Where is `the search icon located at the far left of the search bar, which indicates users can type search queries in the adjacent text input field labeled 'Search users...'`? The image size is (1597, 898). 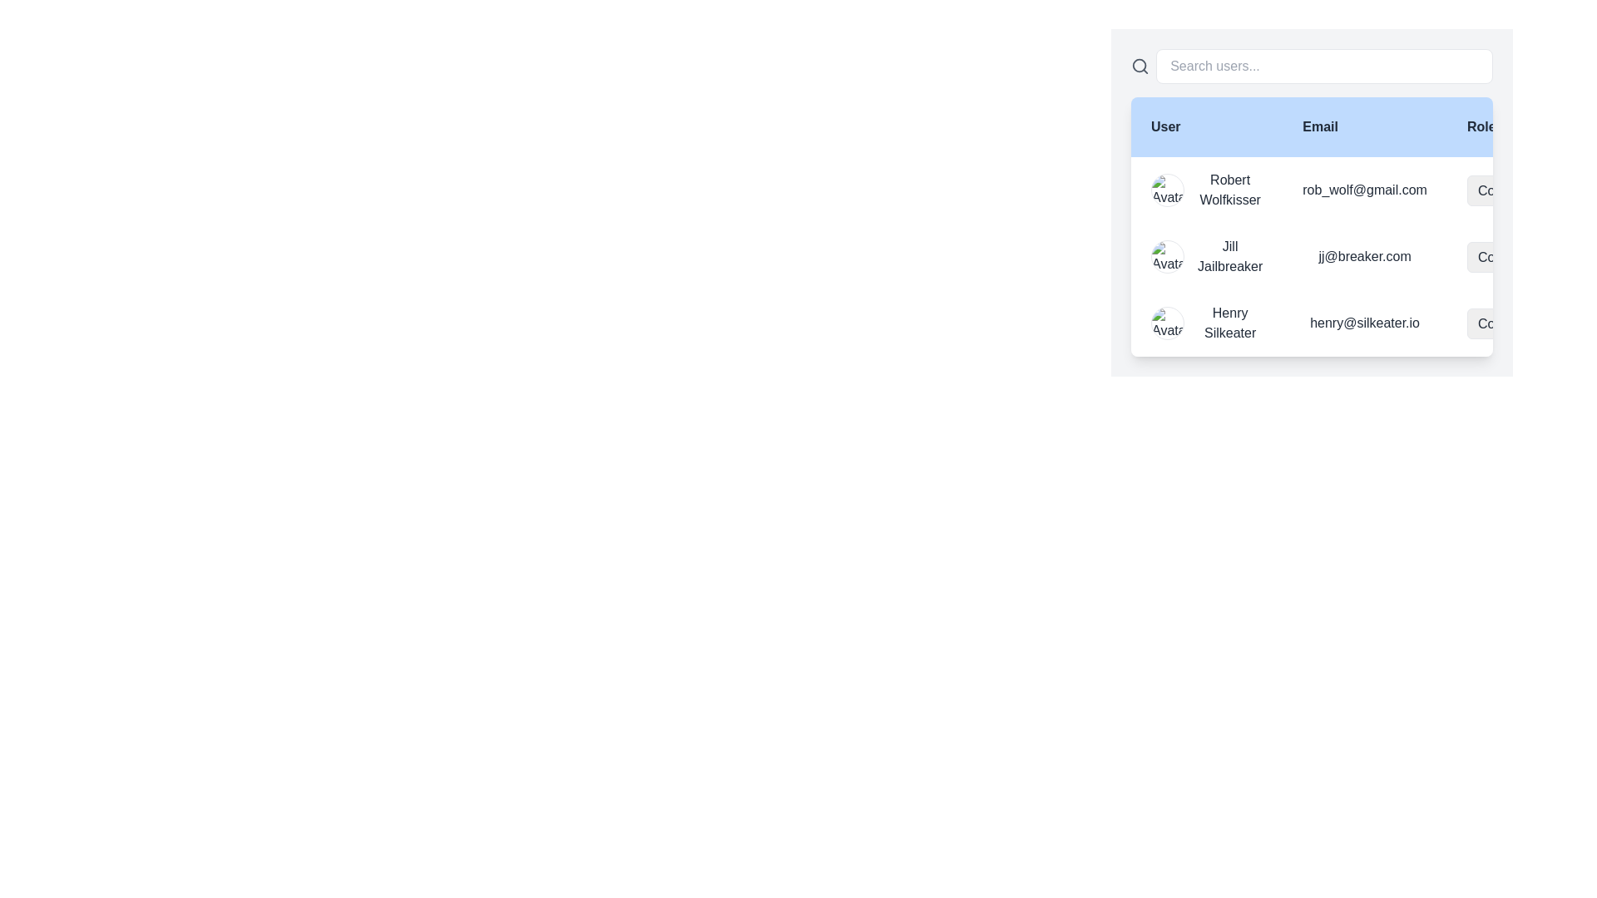 the search icon located at the far left of the search bar, which indicates users can type search queries in the adjacent text input field labeled 'Search users...' is located at coordinates (1140, 66).